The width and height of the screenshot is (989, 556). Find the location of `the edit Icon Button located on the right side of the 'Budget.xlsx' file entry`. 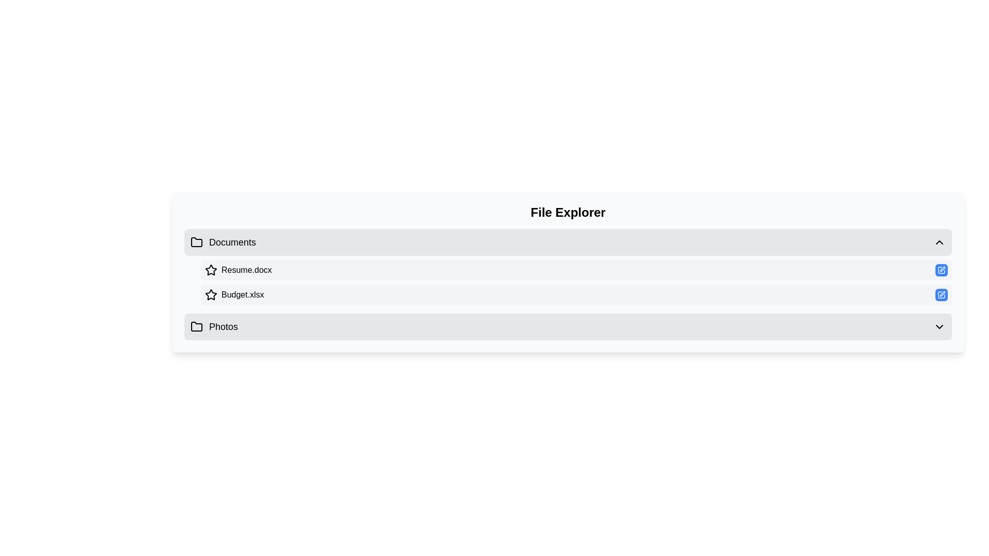

the edit Icon Button located on the right side of the 'Budget.xlsx' file entry is located at coordinates (942, 295).